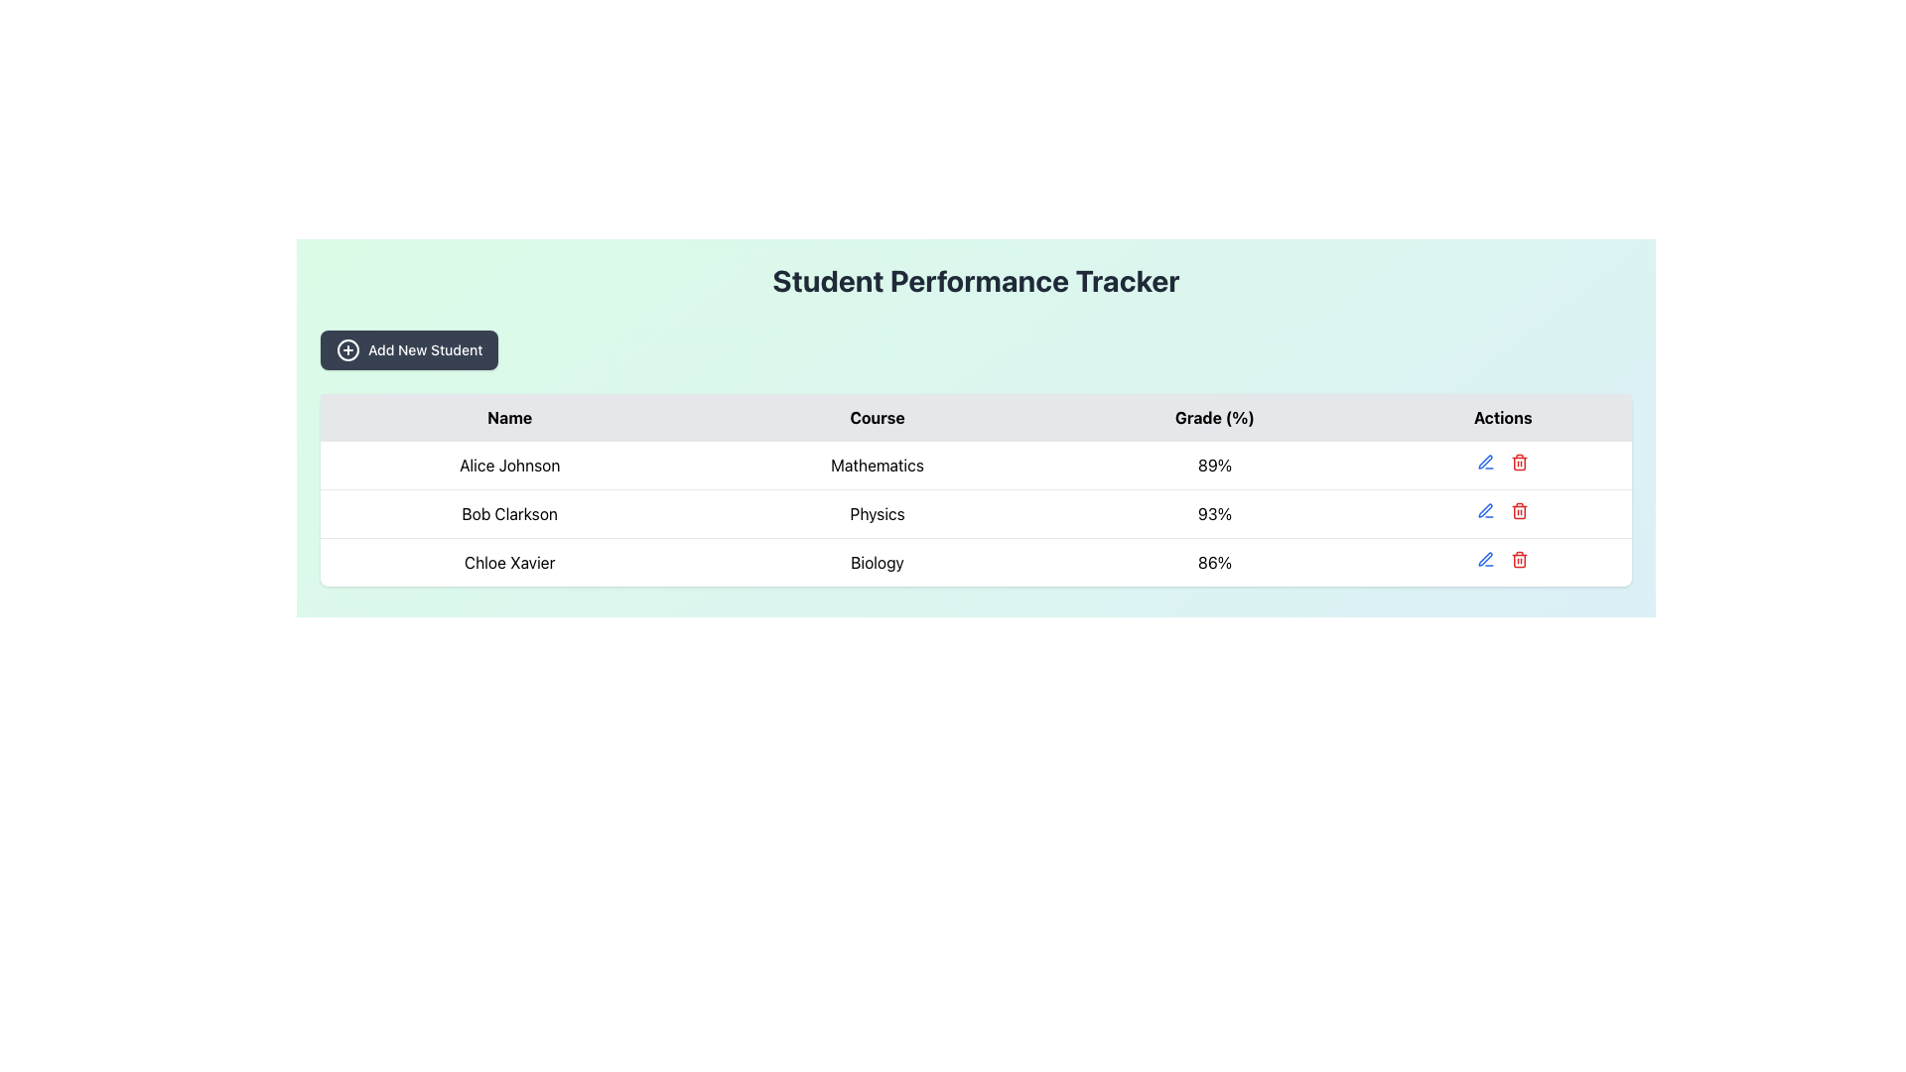 Image resolution: width=1906 pixels, height=1072 pixels. What do you see at coordinates (876, 562) in the screenshot?
I see `the text label displaying 'Biology' located in the second row of the 'Course' column in the table, aligned with 'Chloe Xavier' and '86%'` at bounding box center [876, 562].